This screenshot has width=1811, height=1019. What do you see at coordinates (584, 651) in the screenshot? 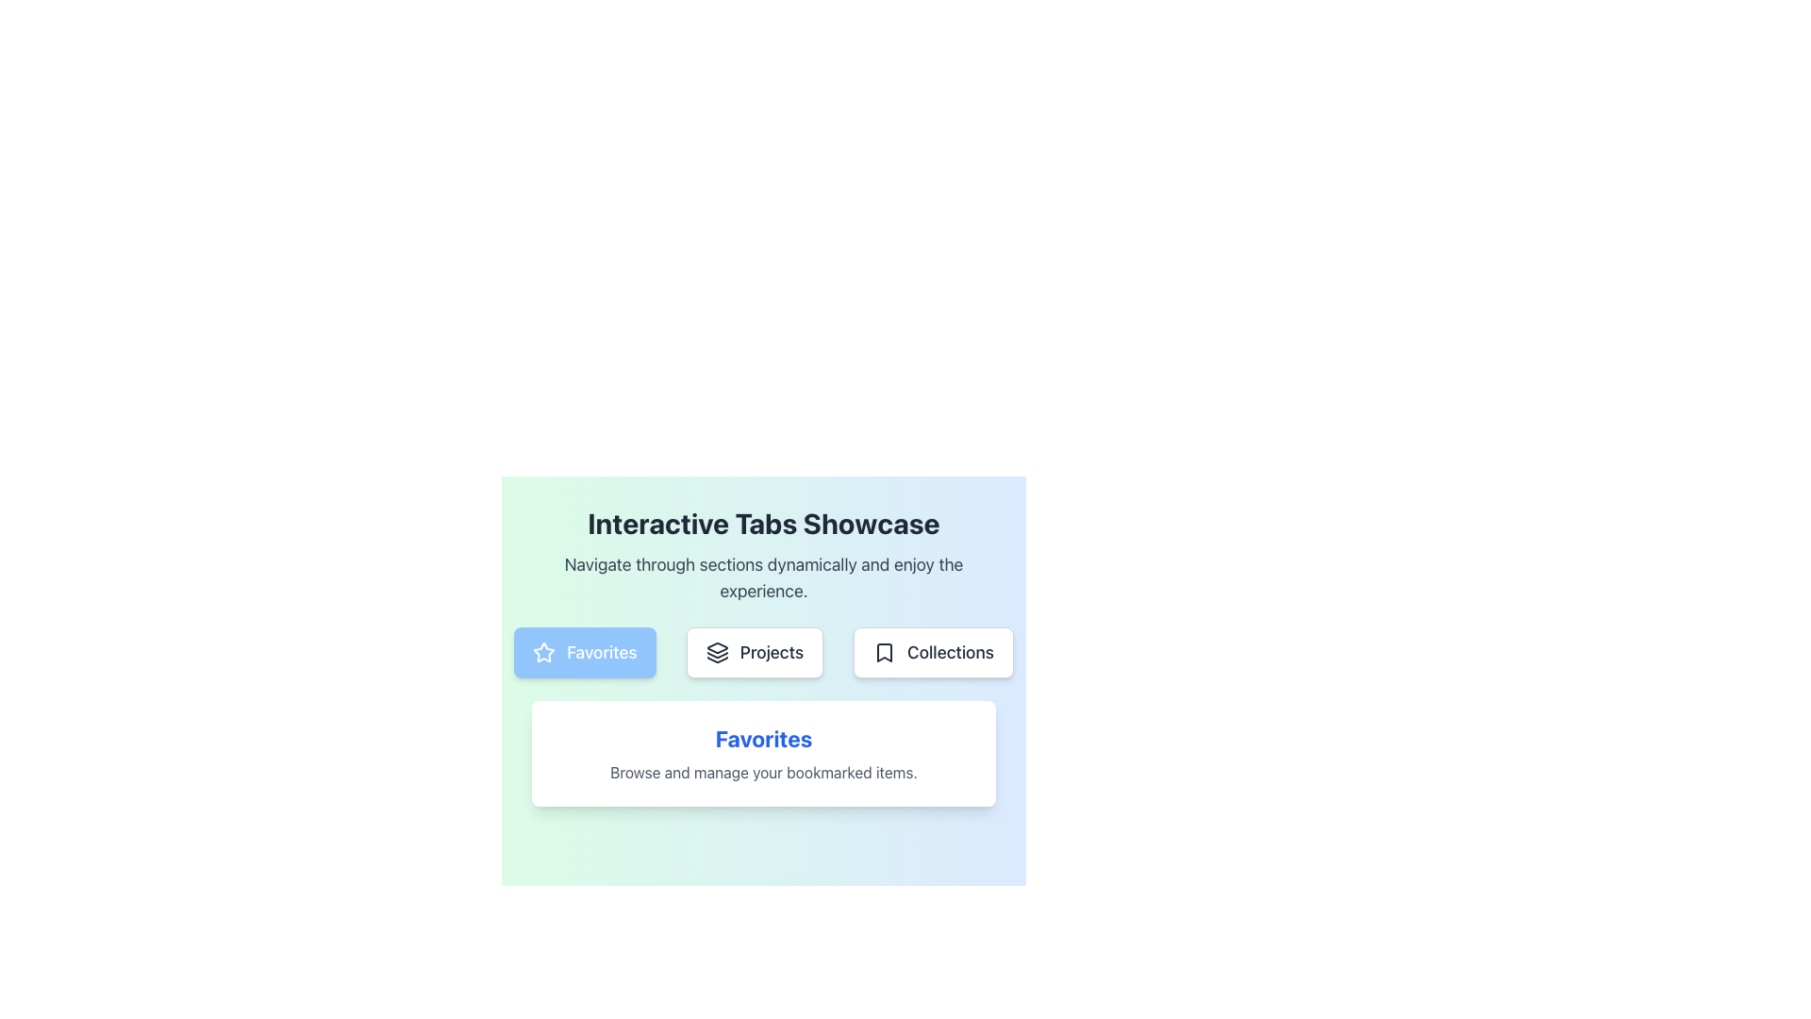
I see `the 'Favorites' button located in the horizontal tab selector, positioned on the far left, to enable accessibility interaction` at bounding box center [584, 651].